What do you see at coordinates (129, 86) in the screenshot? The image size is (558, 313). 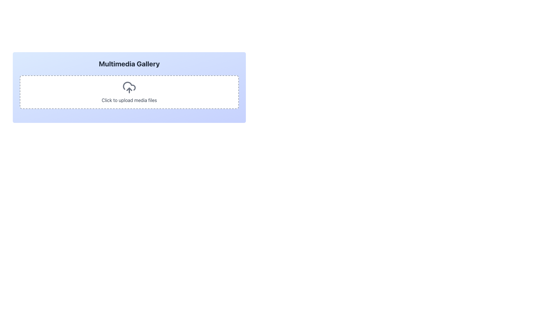 I see `the upper portion of the cloud-shaped graphical icon within the dashed-bordered rectangle labeled 'Click to upload media files'` at bounding box center [129, 86].